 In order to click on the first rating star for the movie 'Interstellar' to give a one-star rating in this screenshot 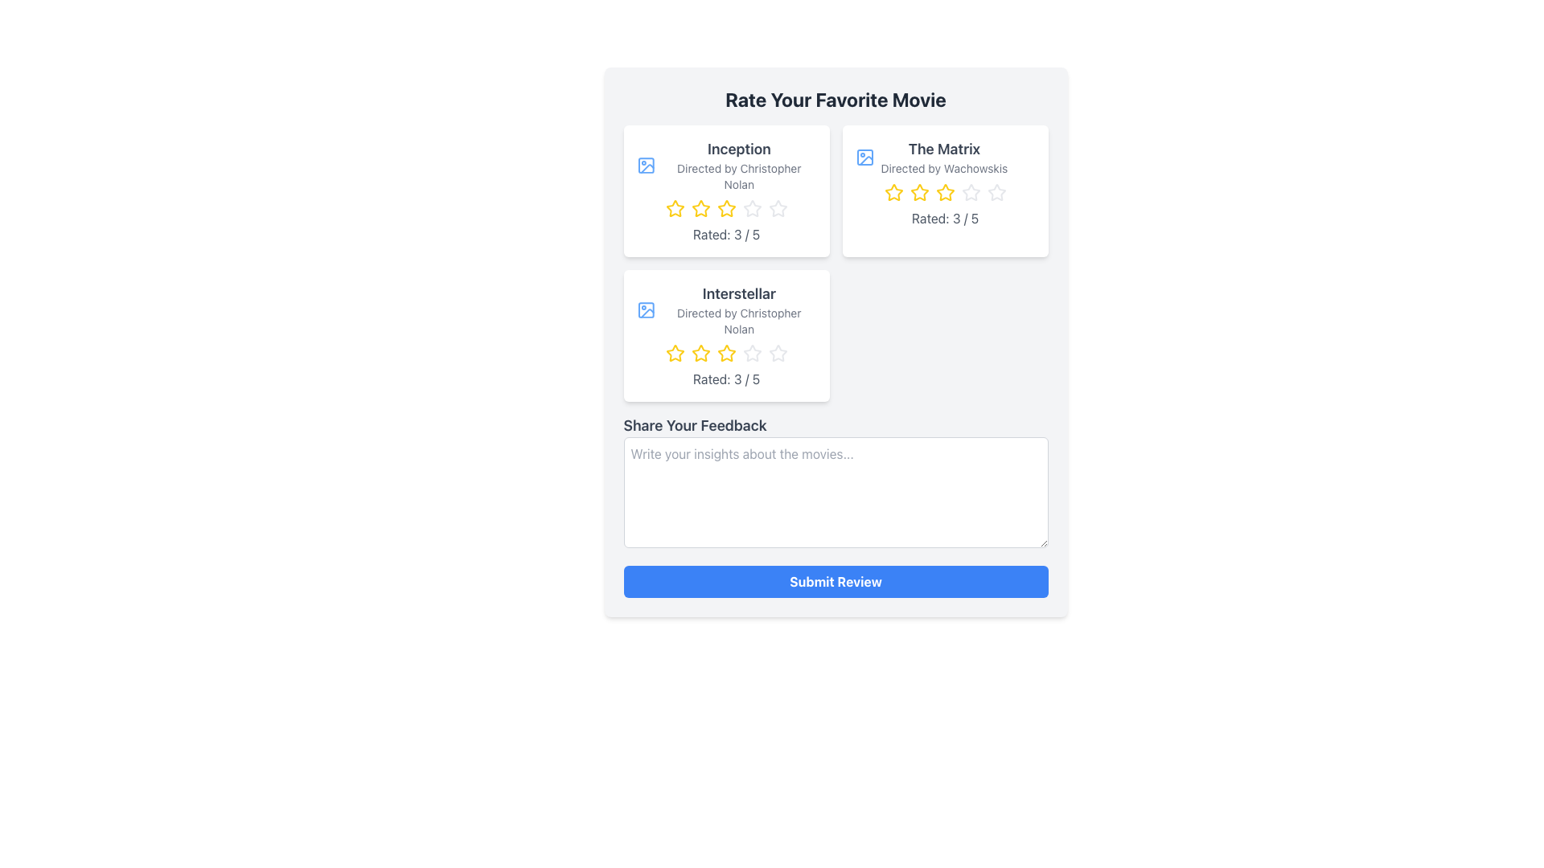, I will do `click(675, 352)`.